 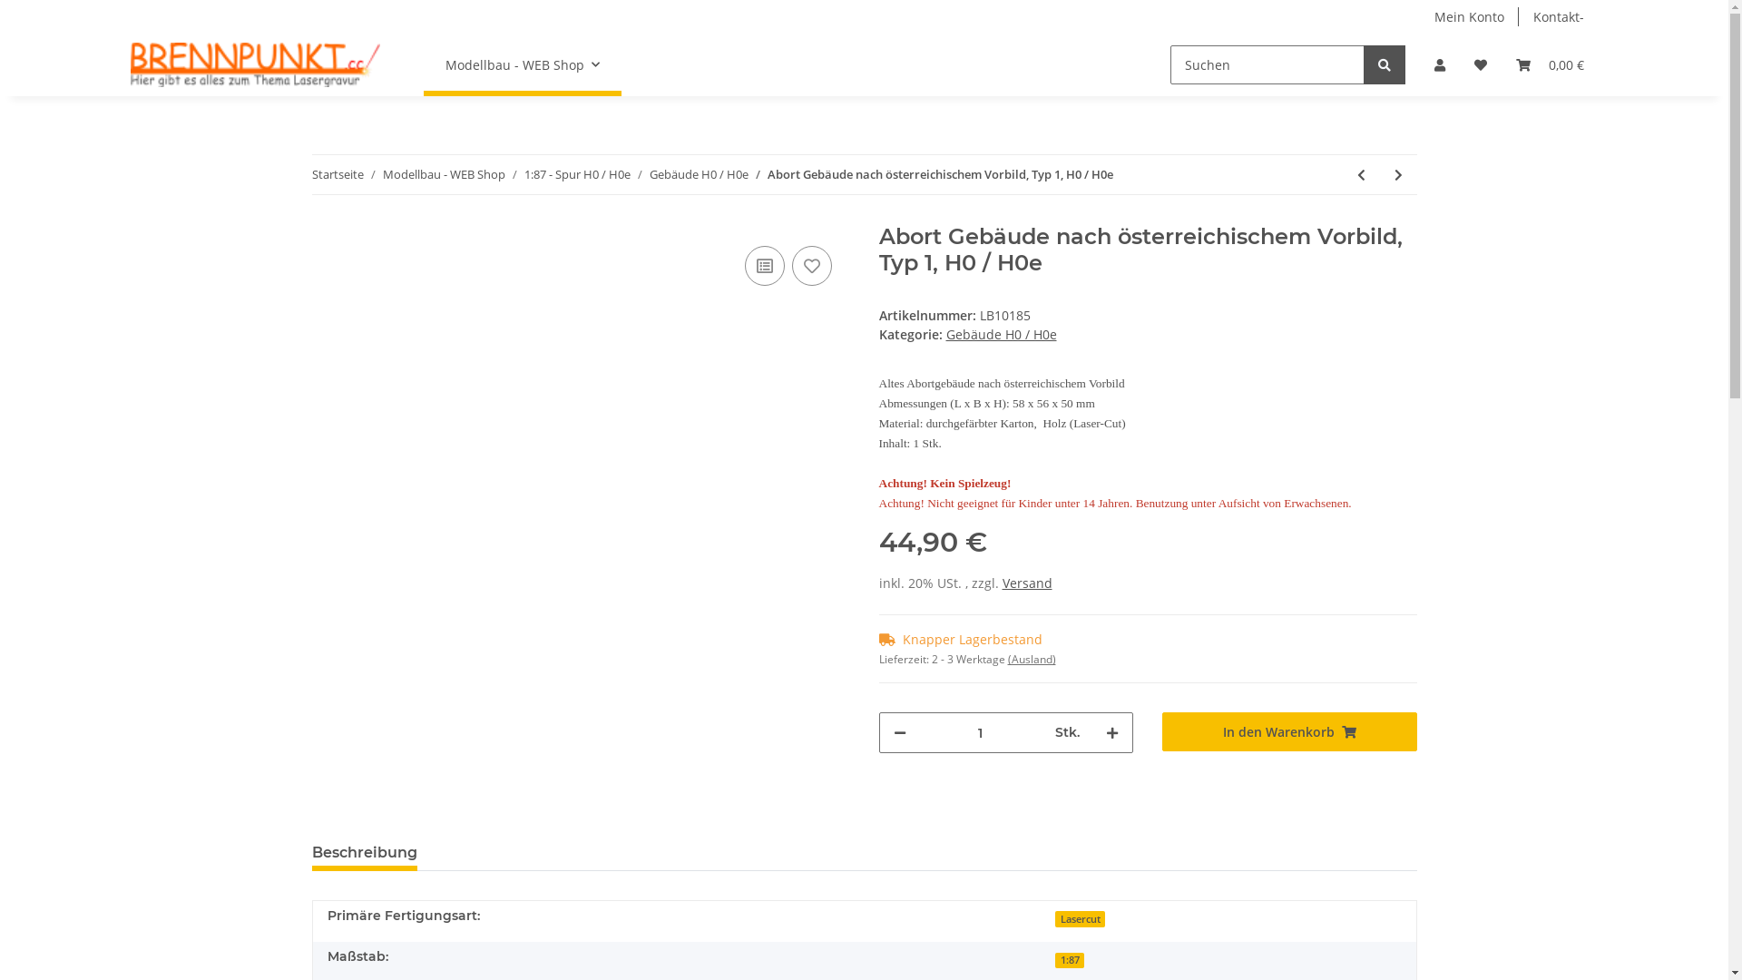 What do you see at coordinates (1080, 919) in the screenshot?
I see `'Lasercut'` at bounding box center [1080, 919].